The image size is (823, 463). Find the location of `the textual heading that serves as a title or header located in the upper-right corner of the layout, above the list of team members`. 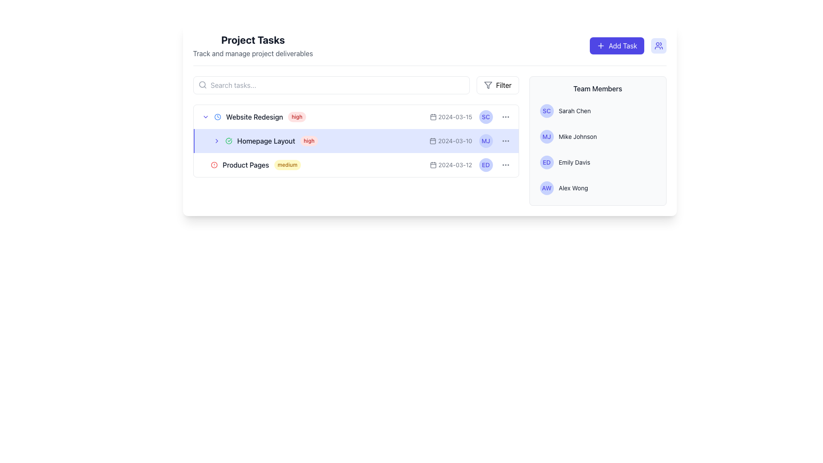

the textual heading that serves as a title or header located in the upper-right corner of the layout, above the list of team members is located at coordinates (597, 89).